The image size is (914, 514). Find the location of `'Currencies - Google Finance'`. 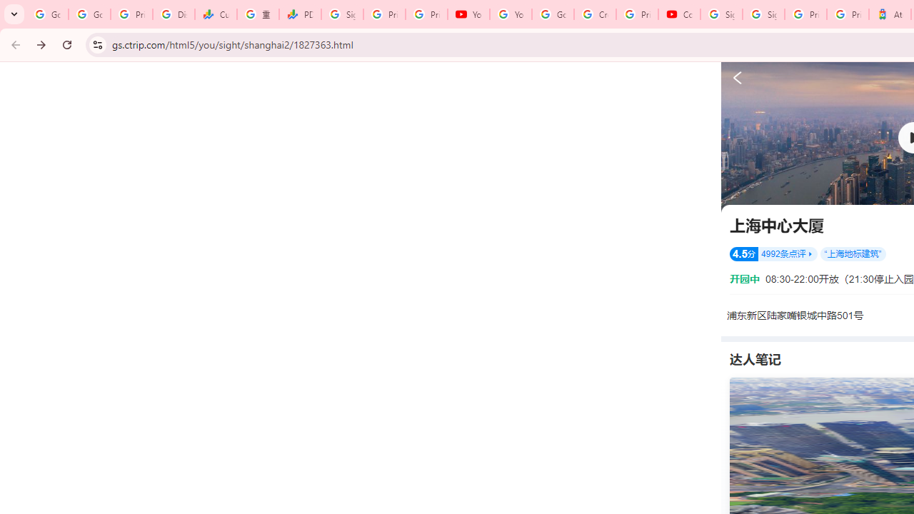

'Currencies - Google Finance' is located at coordinates (215, 14).